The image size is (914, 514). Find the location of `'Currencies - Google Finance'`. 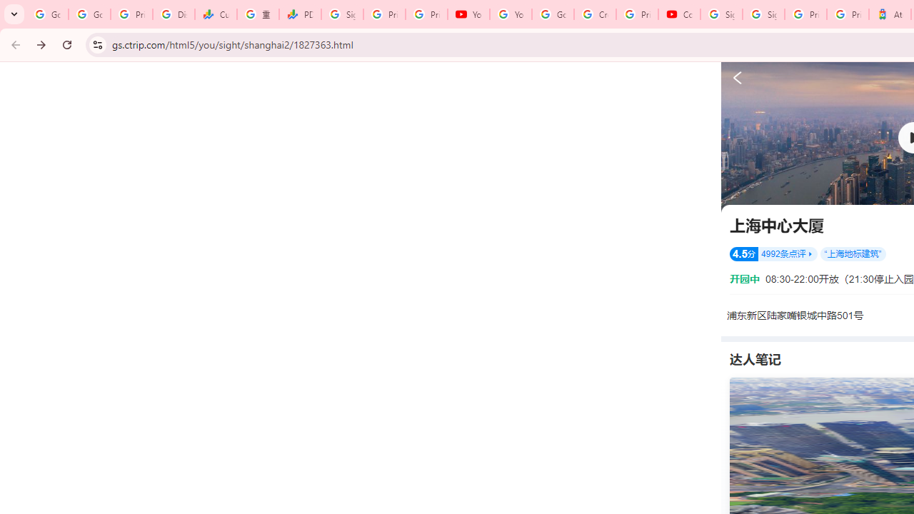

'Currencies - Google Finance' is located at coordinates (215, 14).